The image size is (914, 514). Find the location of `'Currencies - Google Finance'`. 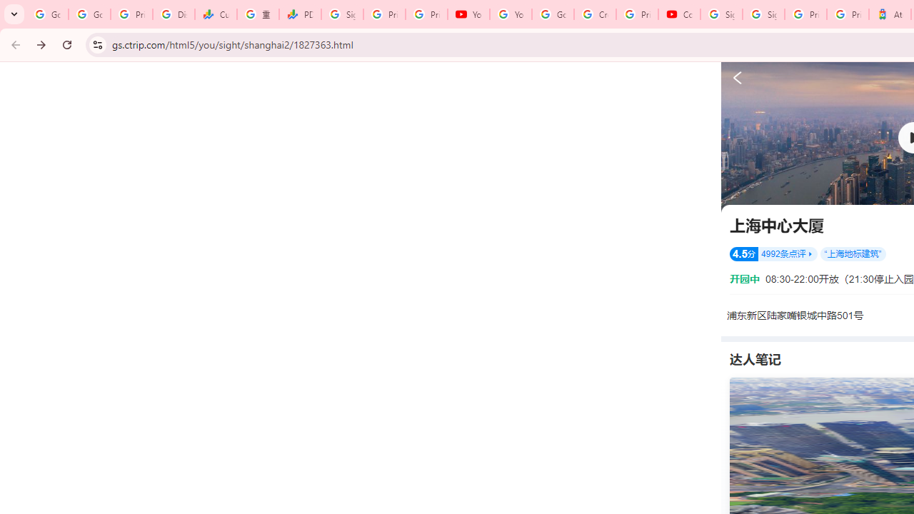

'Currencies - Google Finance' is located at coordinates (215, 14).